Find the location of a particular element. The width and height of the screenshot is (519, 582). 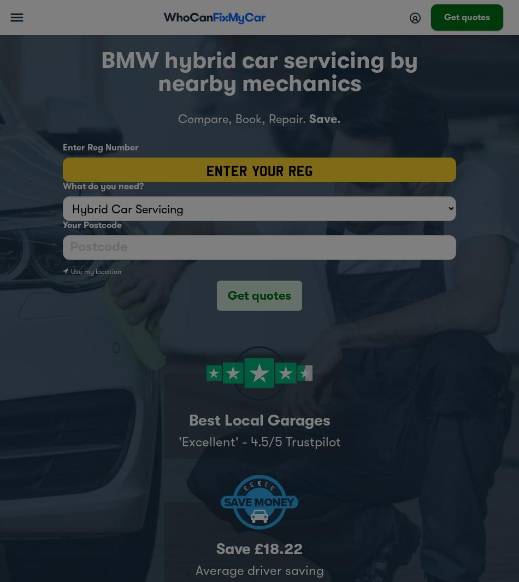

'Average driver saving' is located at coordinates (258, 569).